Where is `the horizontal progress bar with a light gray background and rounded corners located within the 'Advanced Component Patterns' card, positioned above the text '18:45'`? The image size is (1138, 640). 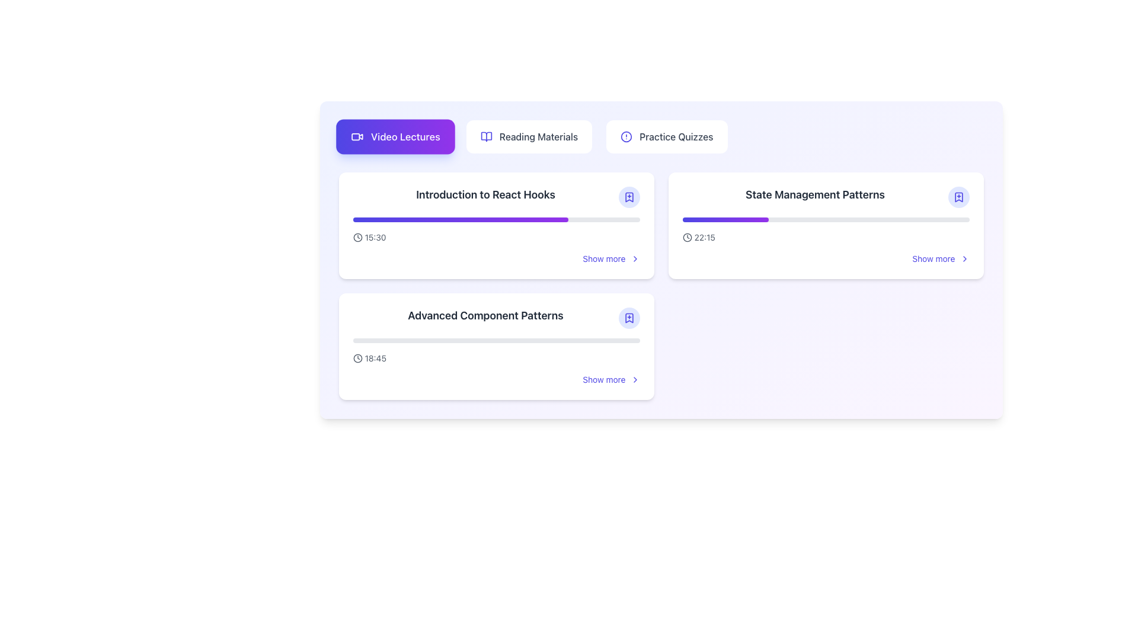
the horizontal progress bar with a light gray background and rounded corners located within the 'Advanced Component Patterns' card, positioned above the text '18:45' is located at coordinates (496, 340).